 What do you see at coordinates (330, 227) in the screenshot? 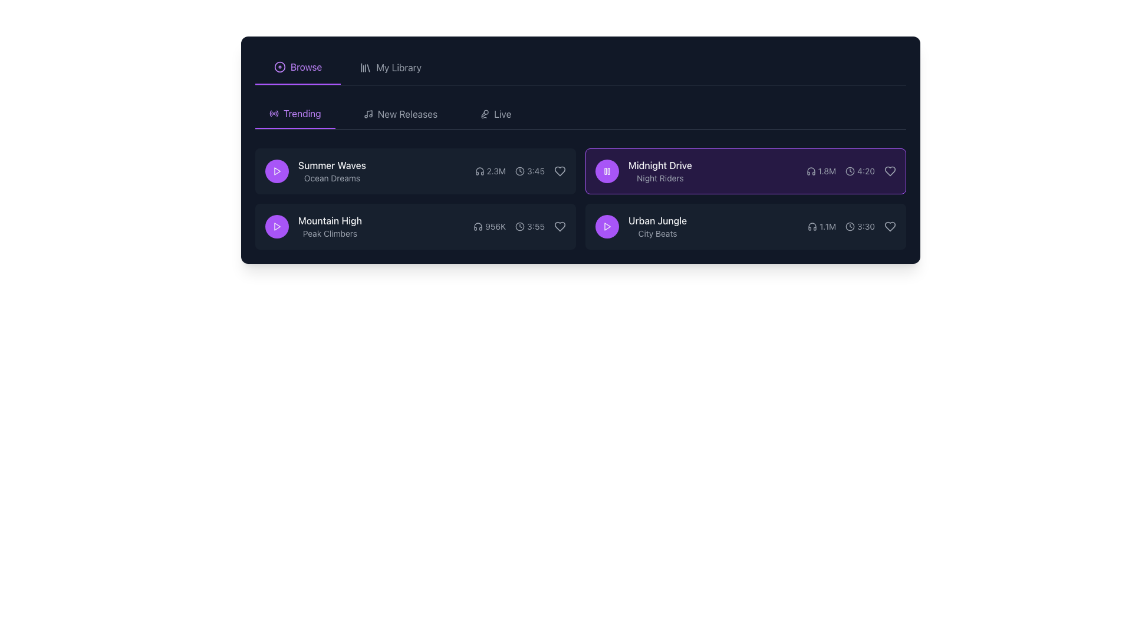
I see `text content of the Text label displaying 'Mountain High' in bold and 'Peak Climbers' below it` at bounding box center [330, 227].